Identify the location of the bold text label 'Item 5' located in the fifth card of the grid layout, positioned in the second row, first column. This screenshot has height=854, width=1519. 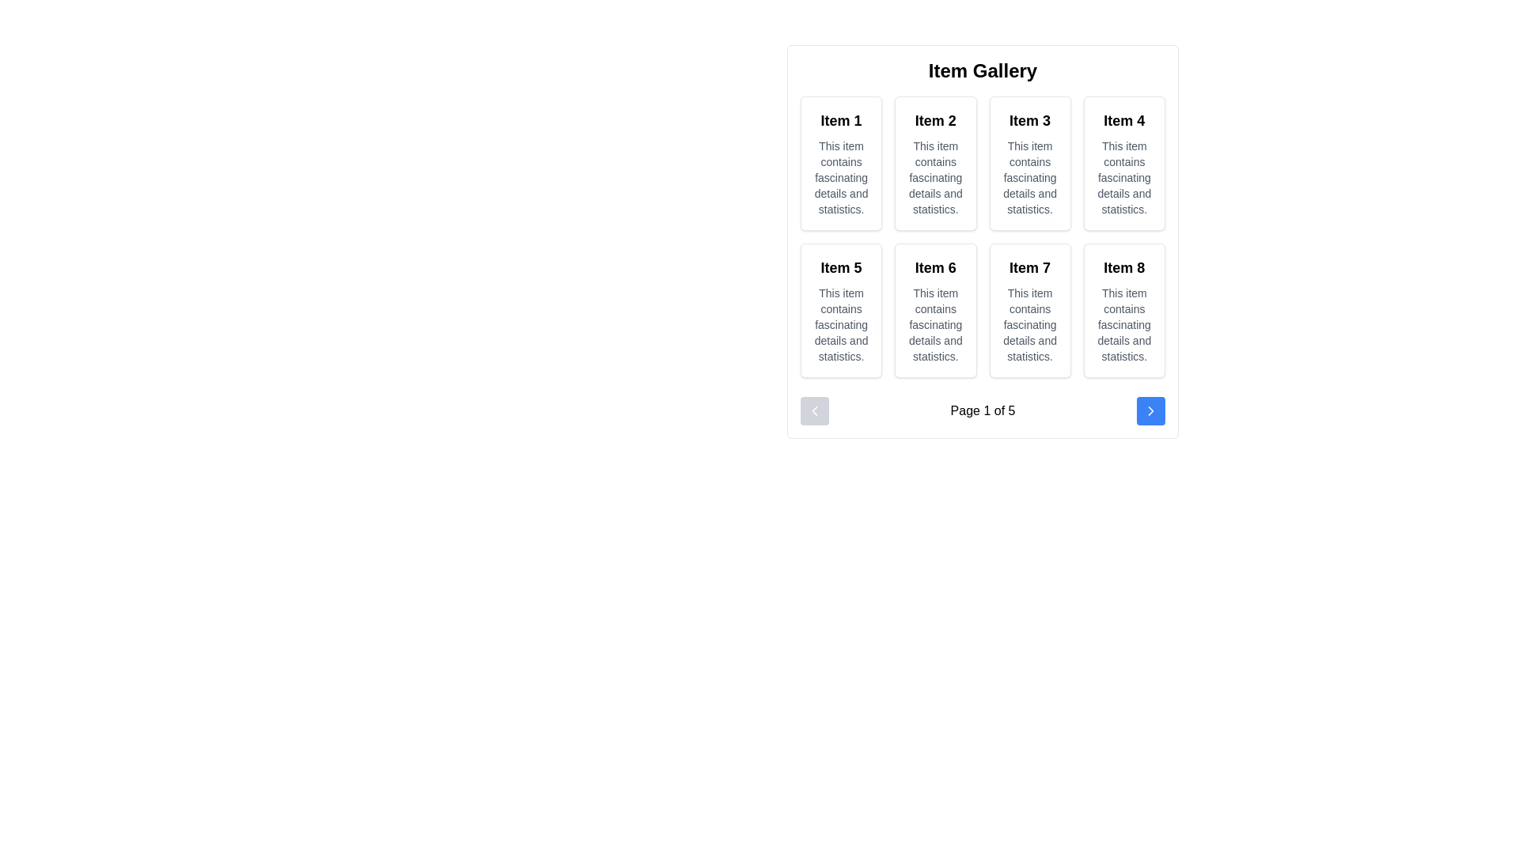
(840, 267).